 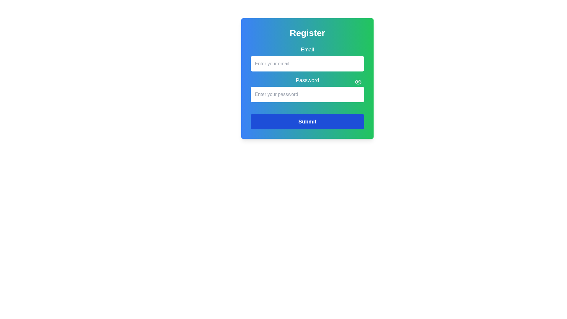 What do you see at coordinates (358, 82) in the screenshot?
I see `the eye outline icon in the SVG, which represents visibility functionality` at bounding box center [358, 82].